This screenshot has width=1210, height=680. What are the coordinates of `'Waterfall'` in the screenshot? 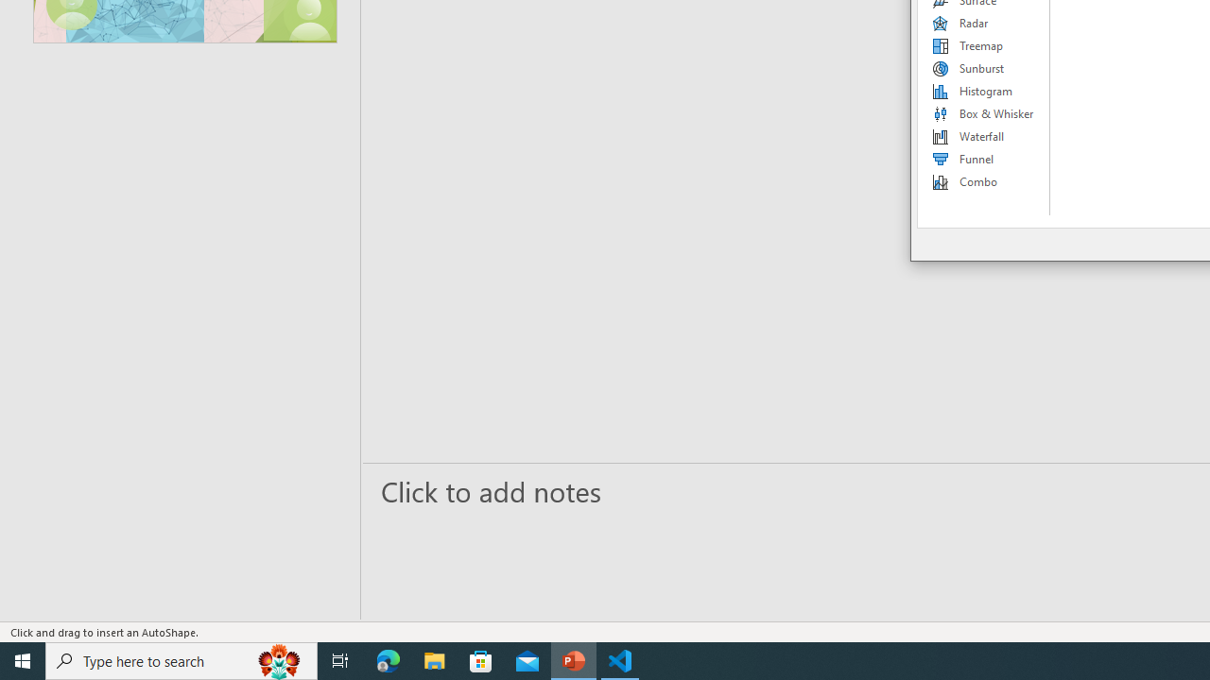 It's located at (983, 136).